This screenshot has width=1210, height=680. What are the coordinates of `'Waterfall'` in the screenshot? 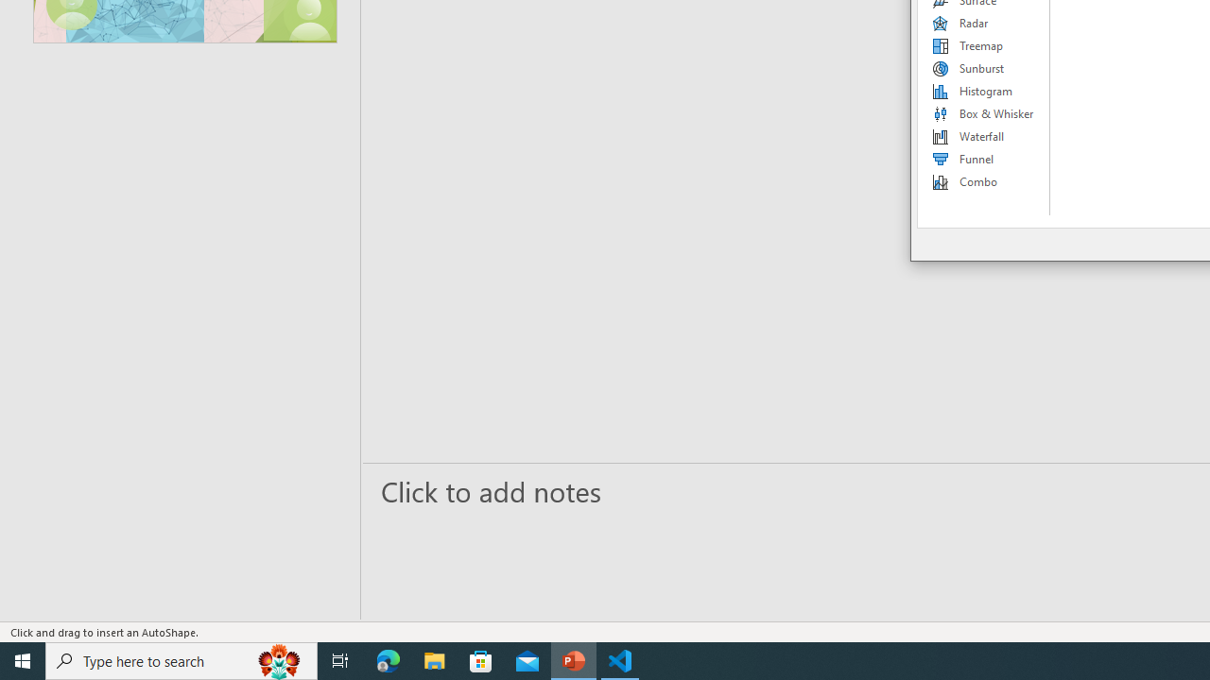 It's located at (983, 136).